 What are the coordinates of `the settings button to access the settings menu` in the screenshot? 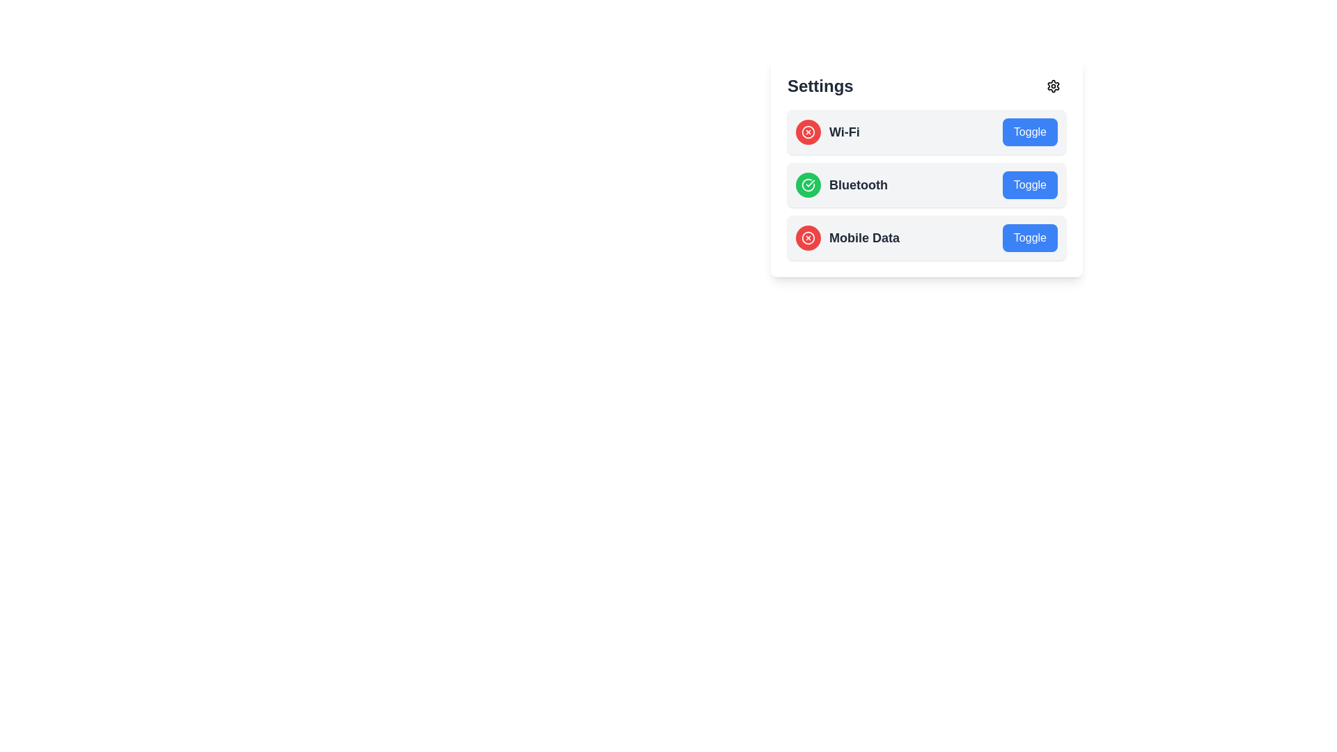 It's located at (1053, 86).